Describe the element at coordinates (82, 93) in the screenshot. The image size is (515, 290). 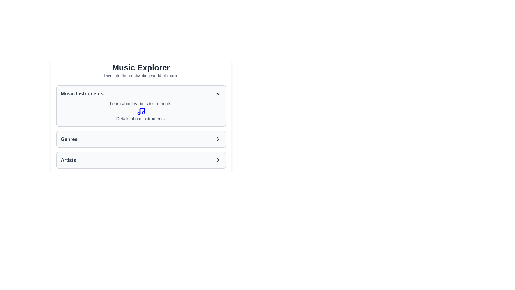
I see `the 'Music Instruments' text label, which is styled in bold gray text and serves as the title for the corresponding section` at that location.